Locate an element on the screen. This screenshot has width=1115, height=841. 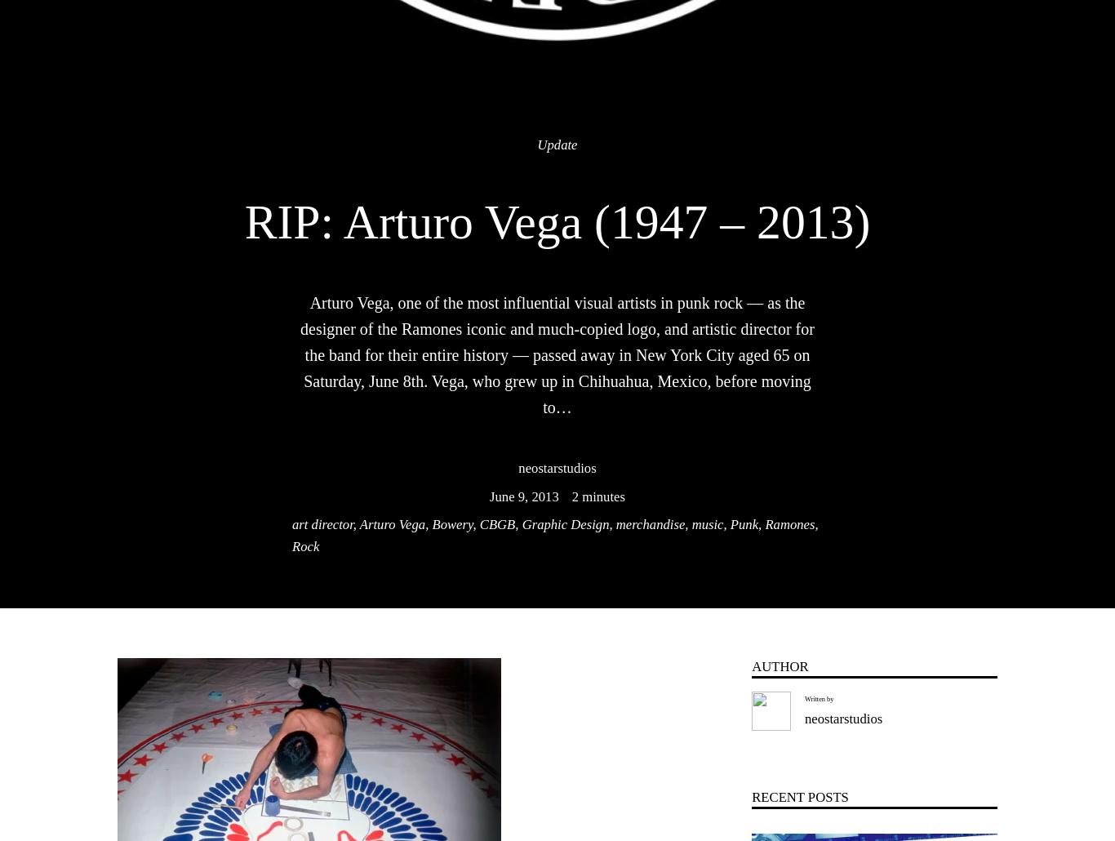
'Written by' is located at coordinates (819, 697).